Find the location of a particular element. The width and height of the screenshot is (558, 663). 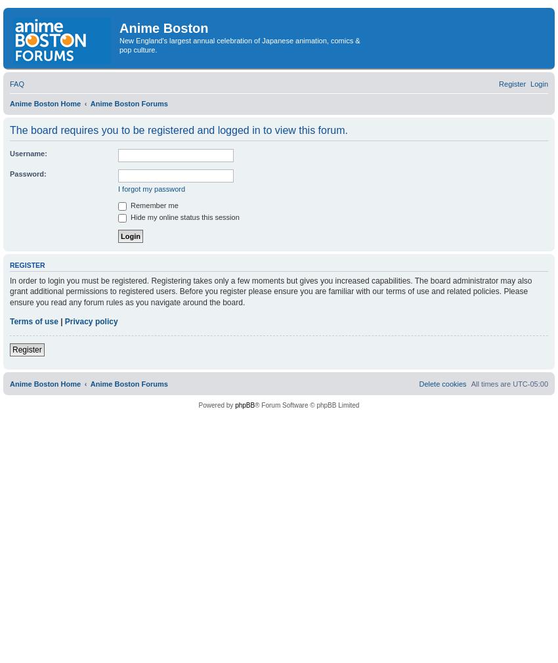

'phpBB' is located at coordinates (234, 404).